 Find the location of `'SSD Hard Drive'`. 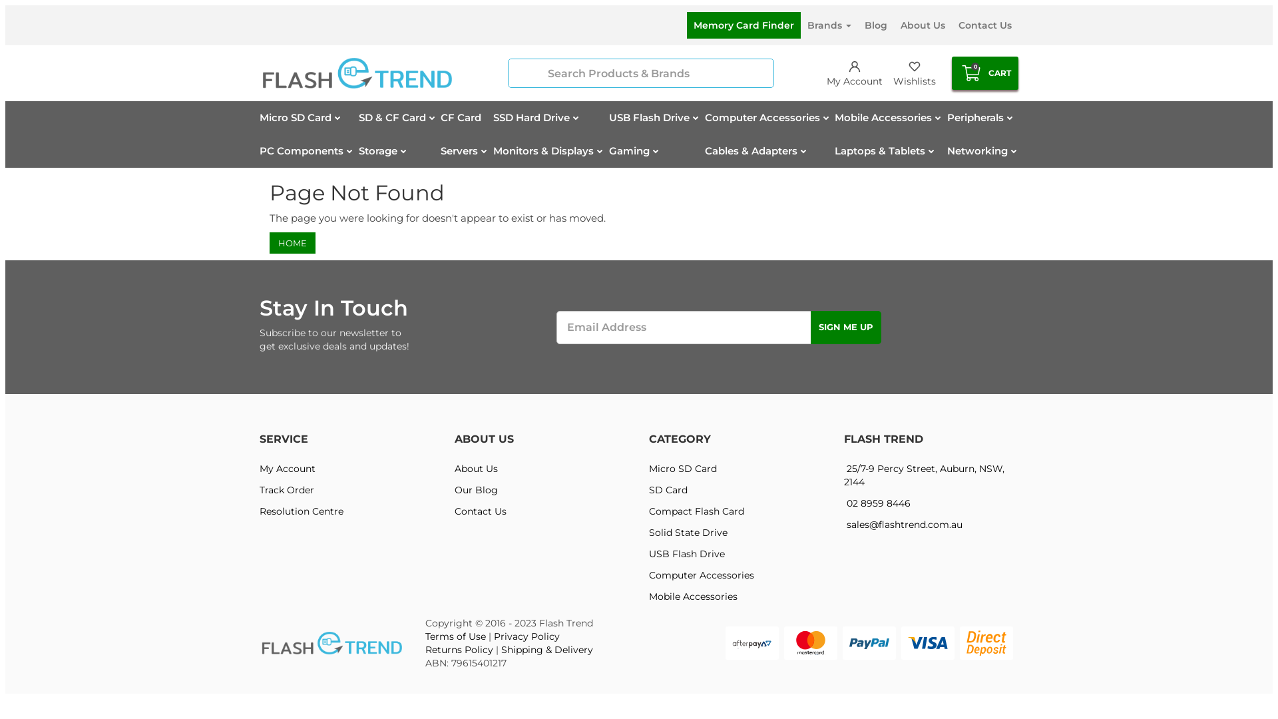

'SSD Hard Drive' is located at coordinates (536, 117).